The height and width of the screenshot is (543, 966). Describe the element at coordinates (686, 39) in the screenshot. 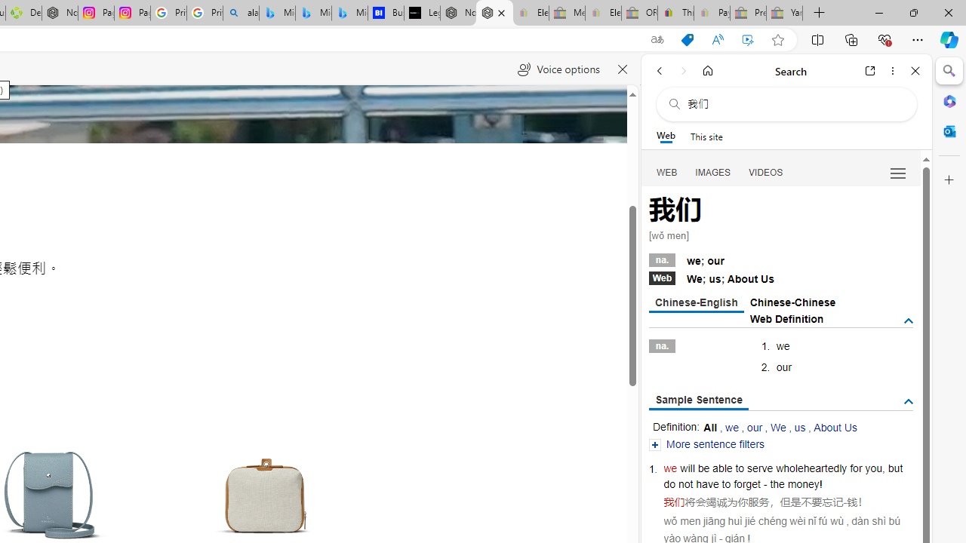

I see `'This site has coupons! Shopping in Microsoft Edge'` at that location.